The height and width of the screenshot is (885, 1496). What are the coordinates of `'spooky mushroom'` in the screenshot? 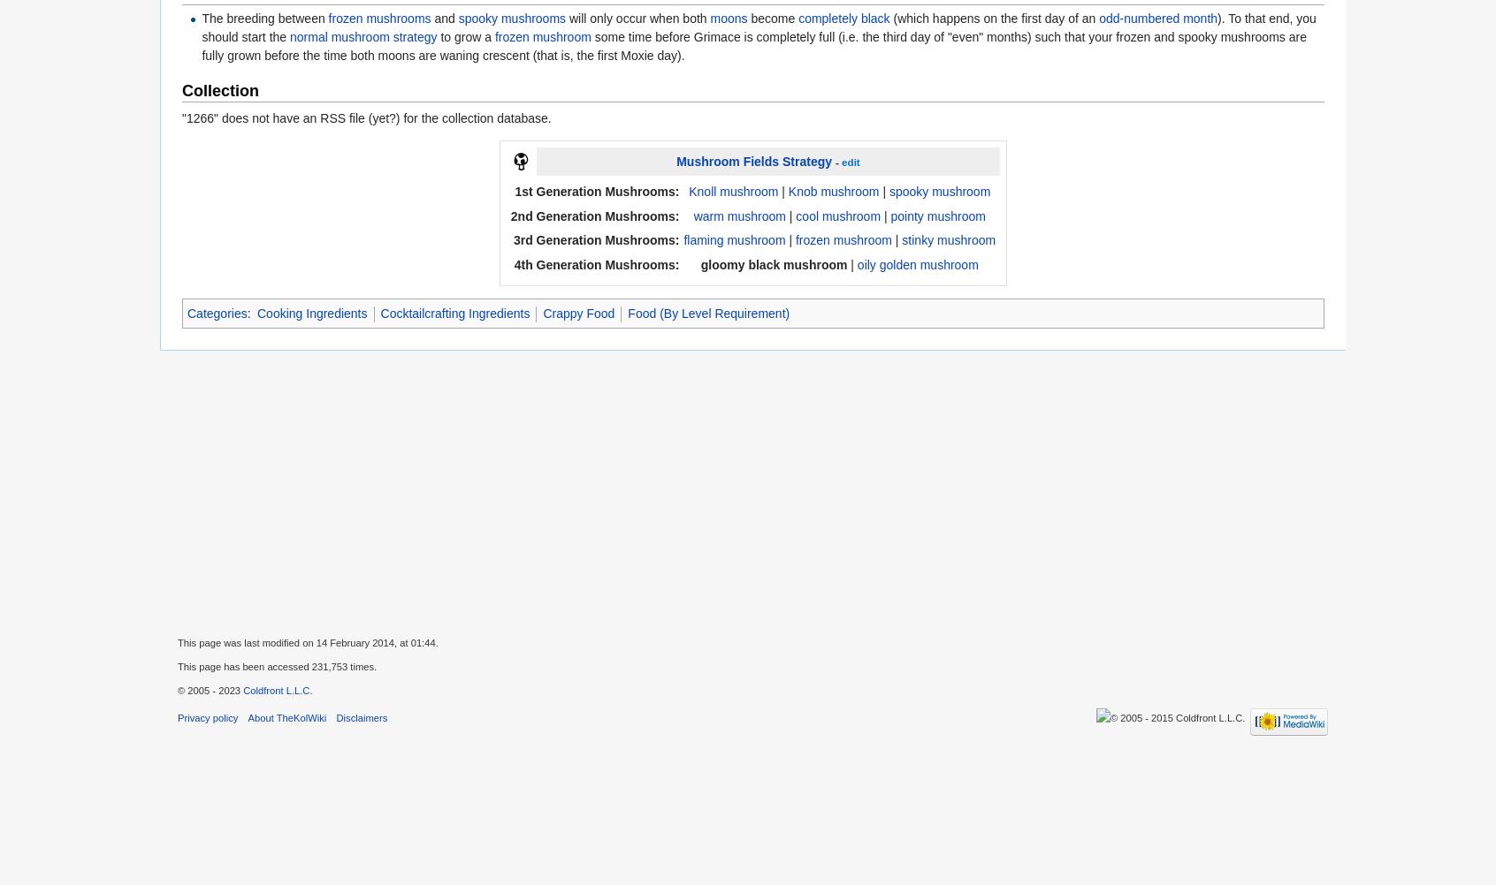 It's located at (888, 192).